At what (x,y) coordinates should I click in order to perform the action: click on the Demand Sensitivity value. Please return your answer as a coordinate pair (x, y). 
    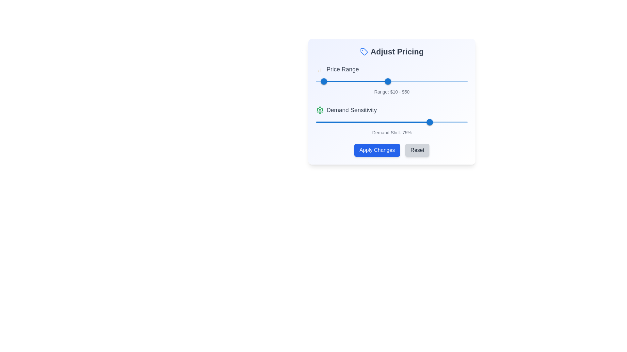
    Looking at the image, I should click on (441, 122).